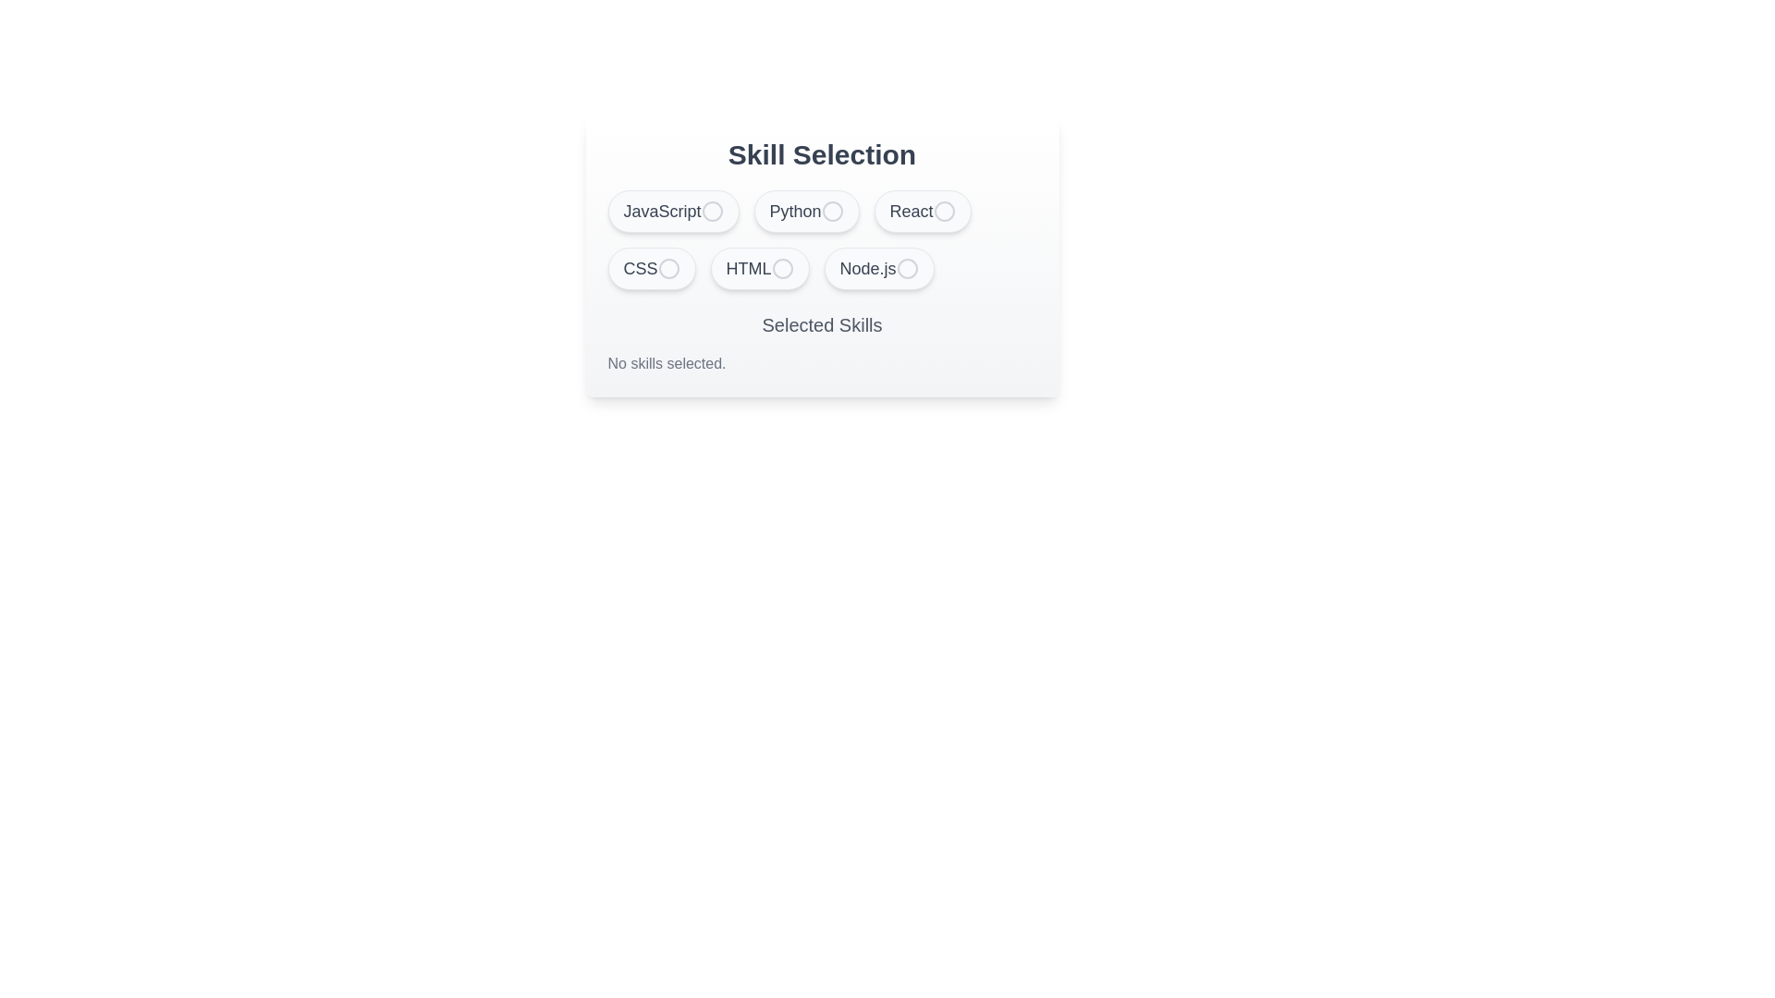 Image resolution: width=1775 pixels, height=998 pixels. I want to click on the button surrounding the text label 'Python' in the skill selection area, so click(795, 210).